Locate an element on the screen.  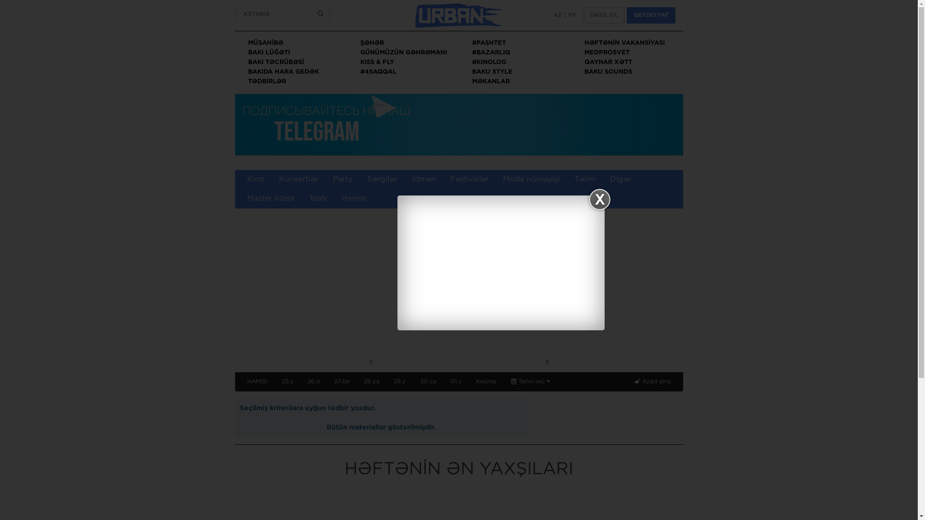
'#BAZARLIQ' is located at coordinates (491, 52).